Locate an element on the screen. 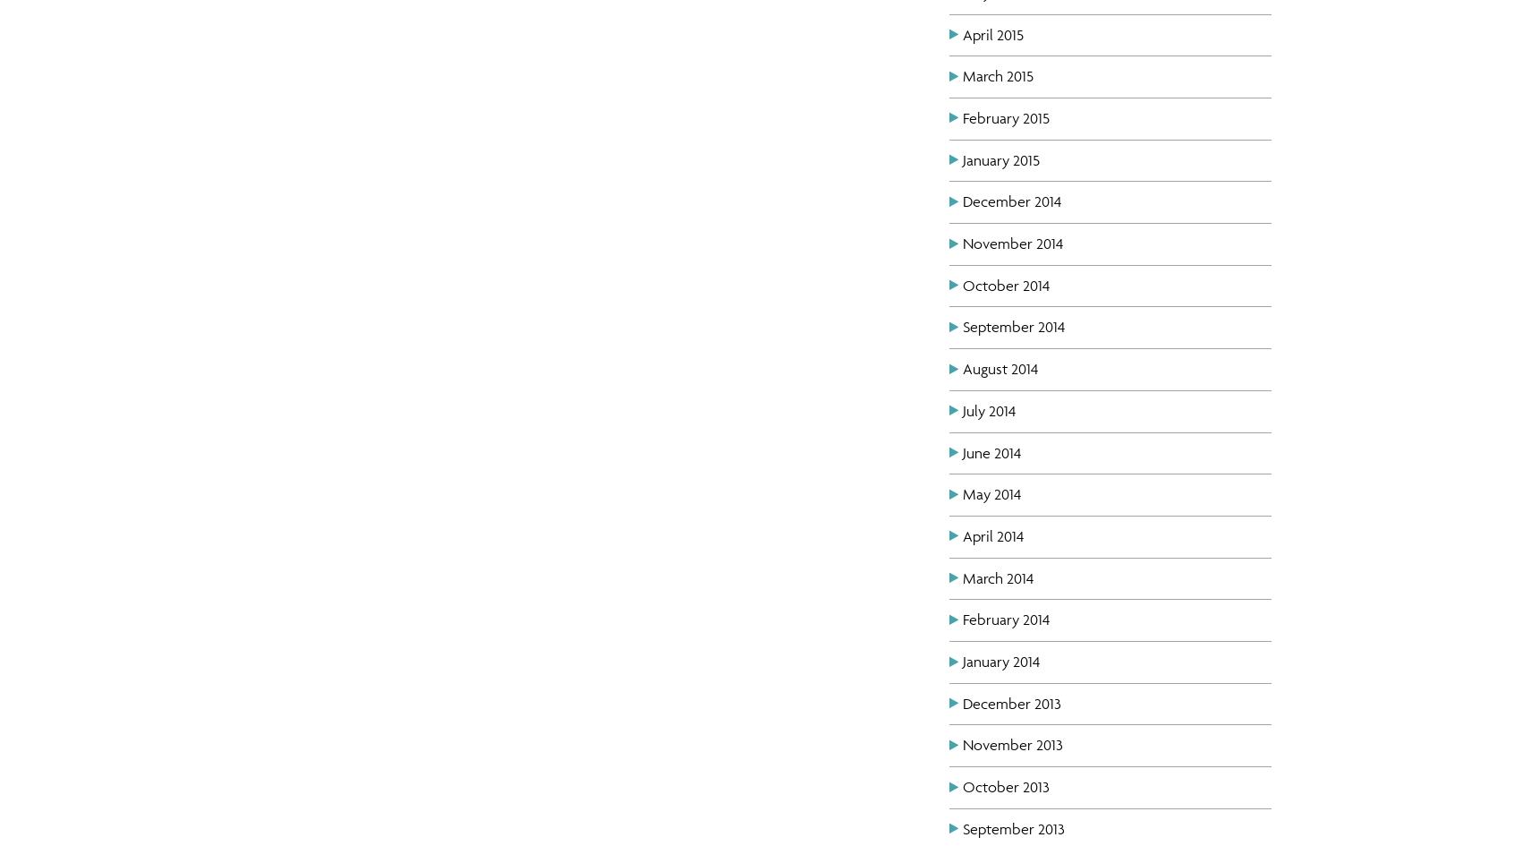 Image resolution: width=1523 pixels, height=846 pixels. 'November 2014' is located at coordinates (1012, 243).